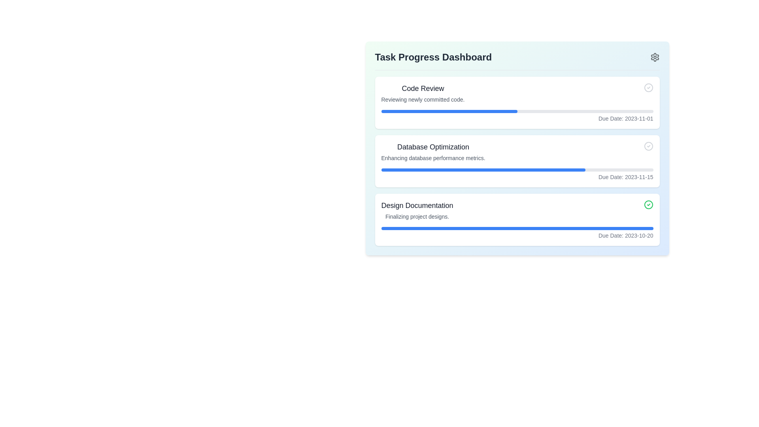 This screenshot has width=759, height=427. What do you see at coordinates (432, 158) in the screenshot?
I see `the descriptive text located under the 'Database Optimization' heading, which provides additional context about the task` at bounding box center [432, 158].